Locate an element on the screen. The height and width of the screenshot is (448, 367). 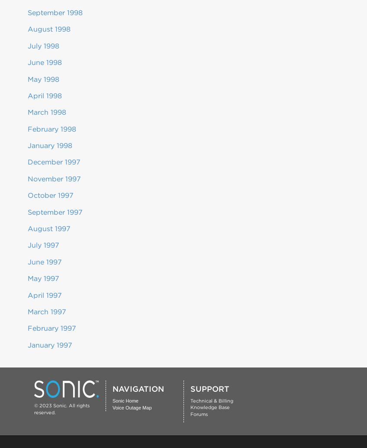
'June 1998' is located at coordinates (45, 62).